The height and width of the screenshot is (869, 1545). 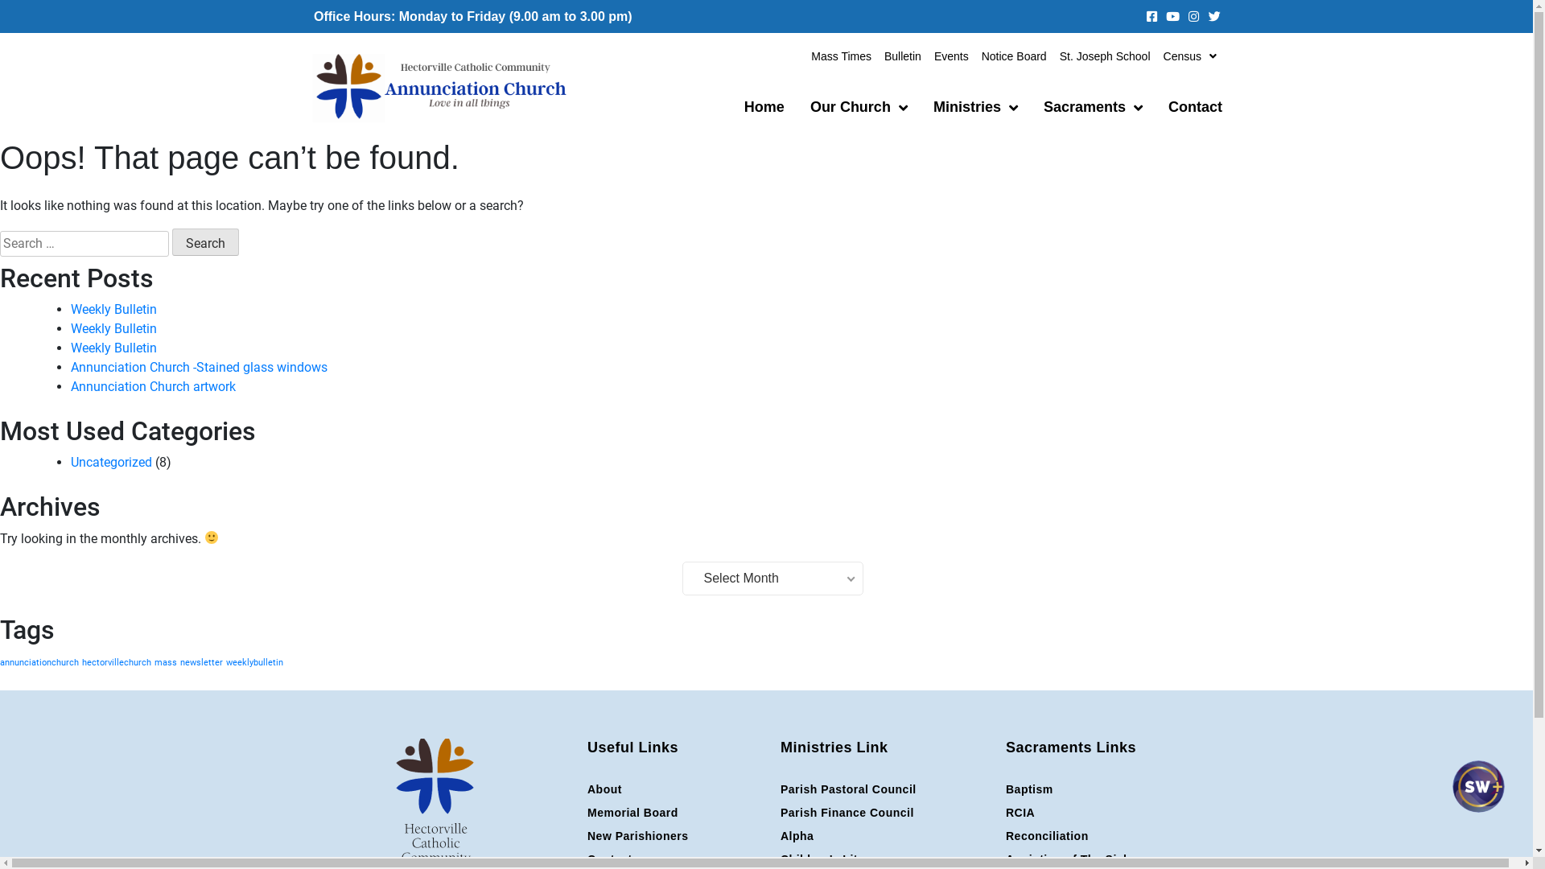 I want to click on 'New Parishioners', so click(x=676, y=835).